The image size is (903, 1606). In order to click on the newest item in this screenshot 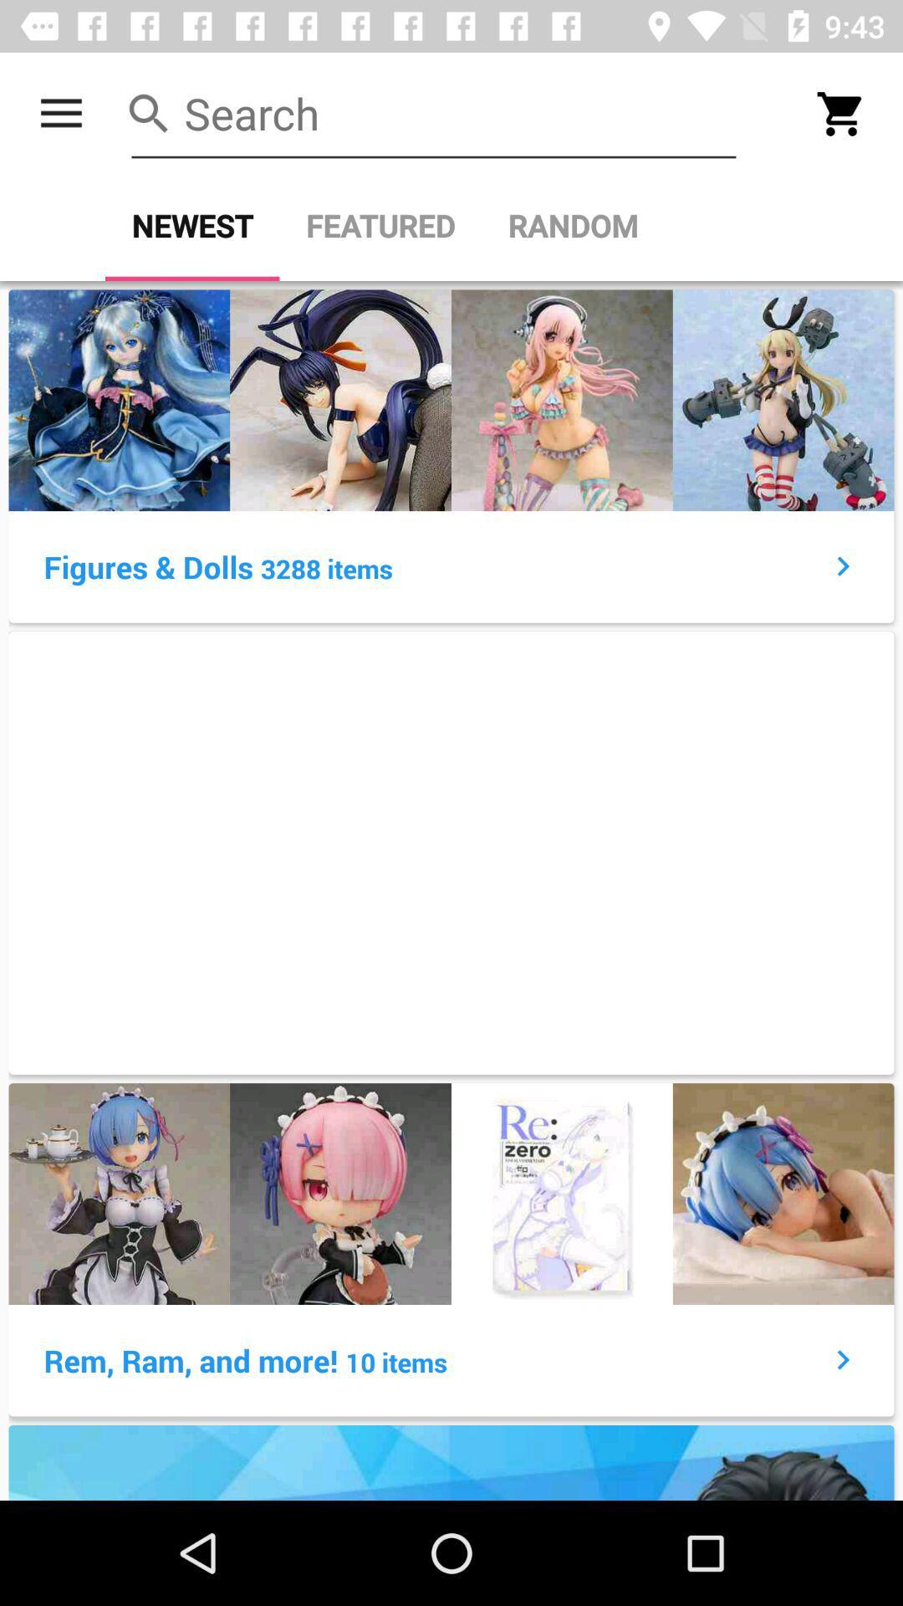, I will do `click(191, 225)`.